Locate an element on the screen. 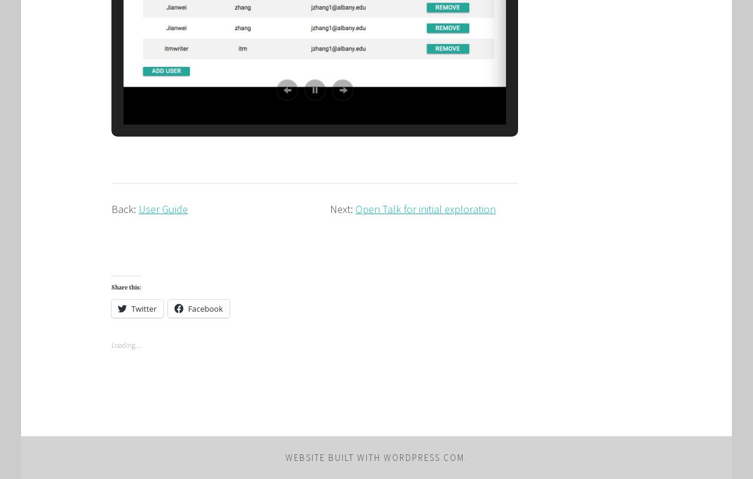  'User Guide' is located at coordinates (163, 208).